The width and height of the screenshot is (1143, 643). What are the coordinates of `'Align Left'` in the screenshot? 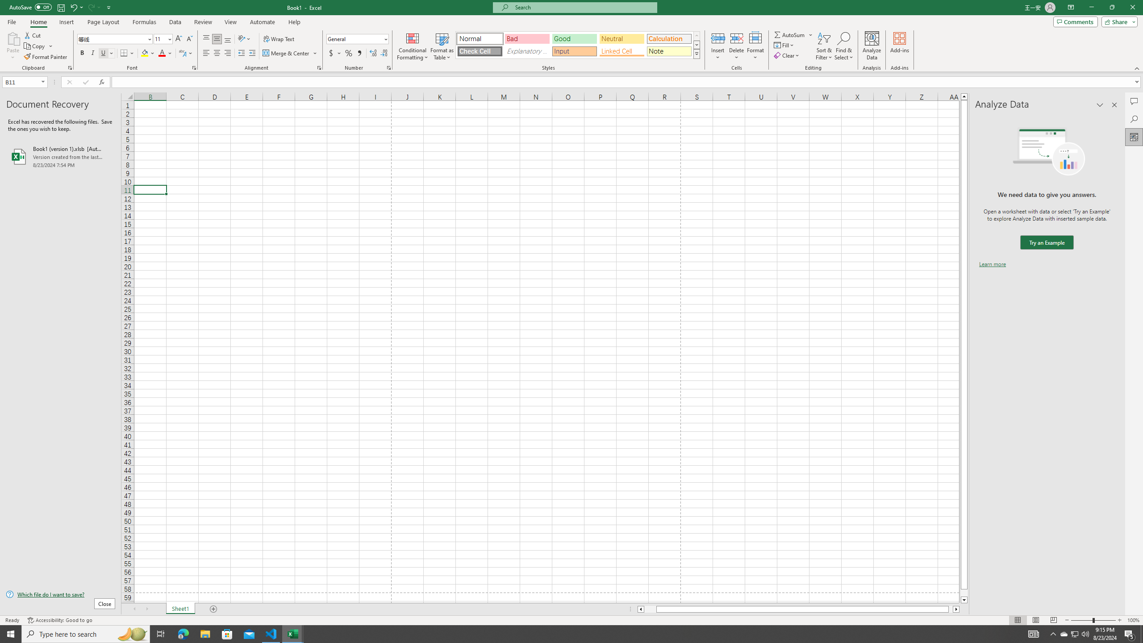 It's located at (206, 53).